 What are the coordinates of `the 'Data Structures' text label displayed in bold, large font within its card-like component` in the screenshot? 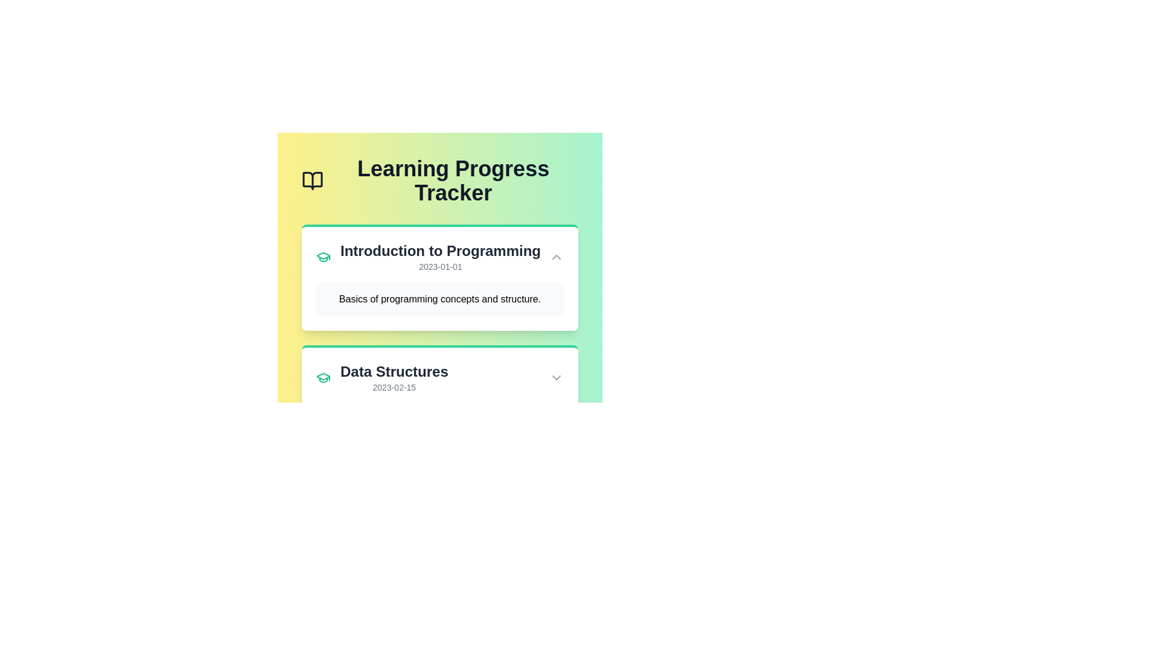 It's located at (394, 371).